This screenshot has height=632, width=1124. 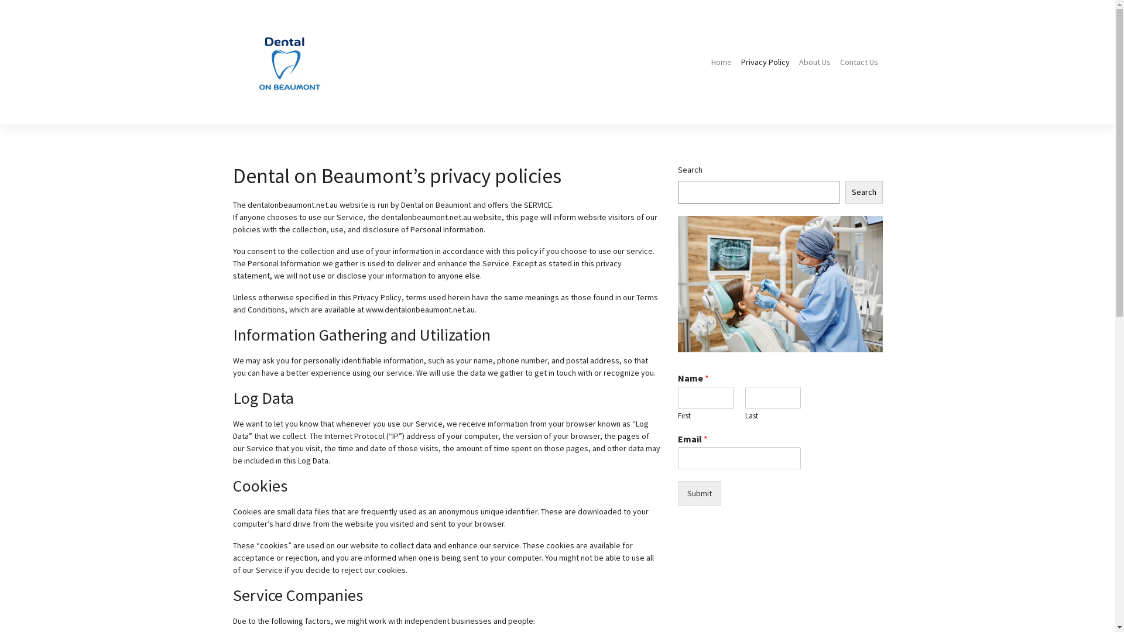 I want to click on 'Home', so click(x=720, y=62).